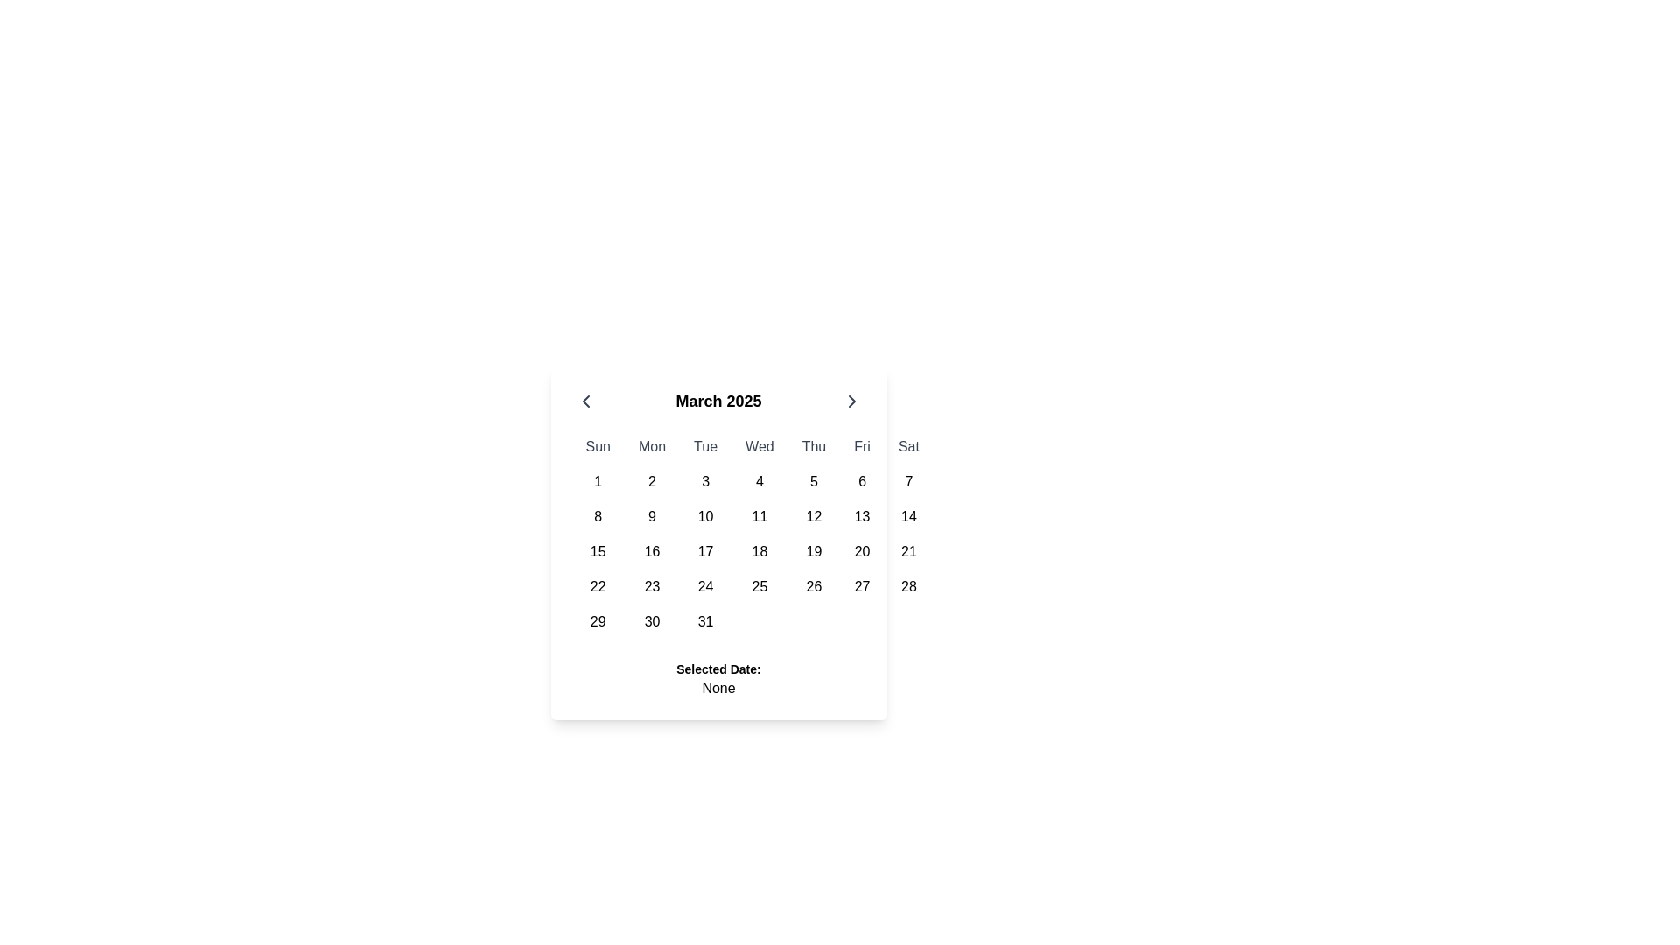 This screenshot has width=1680, height=945. What do you see at coordinates (651, 620) in the screenshot?
I see `the button-like calendar day display showing '30'` at bounding box center [651, 620].